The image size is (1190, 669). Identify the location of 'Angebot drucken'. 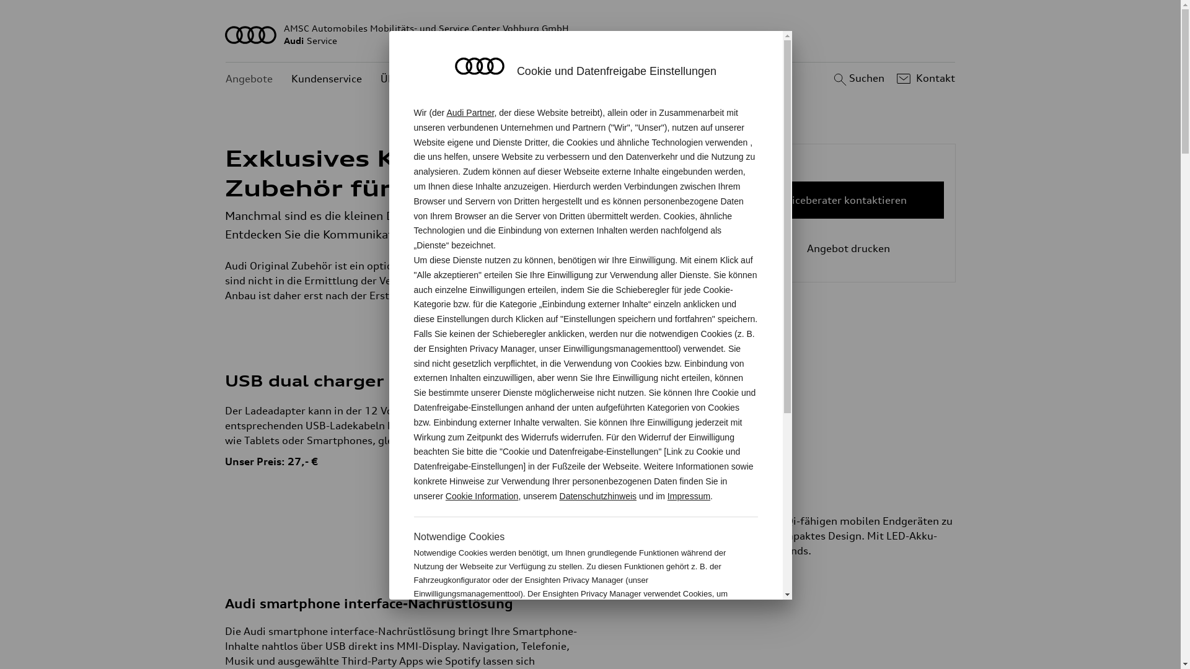
(839, 248).